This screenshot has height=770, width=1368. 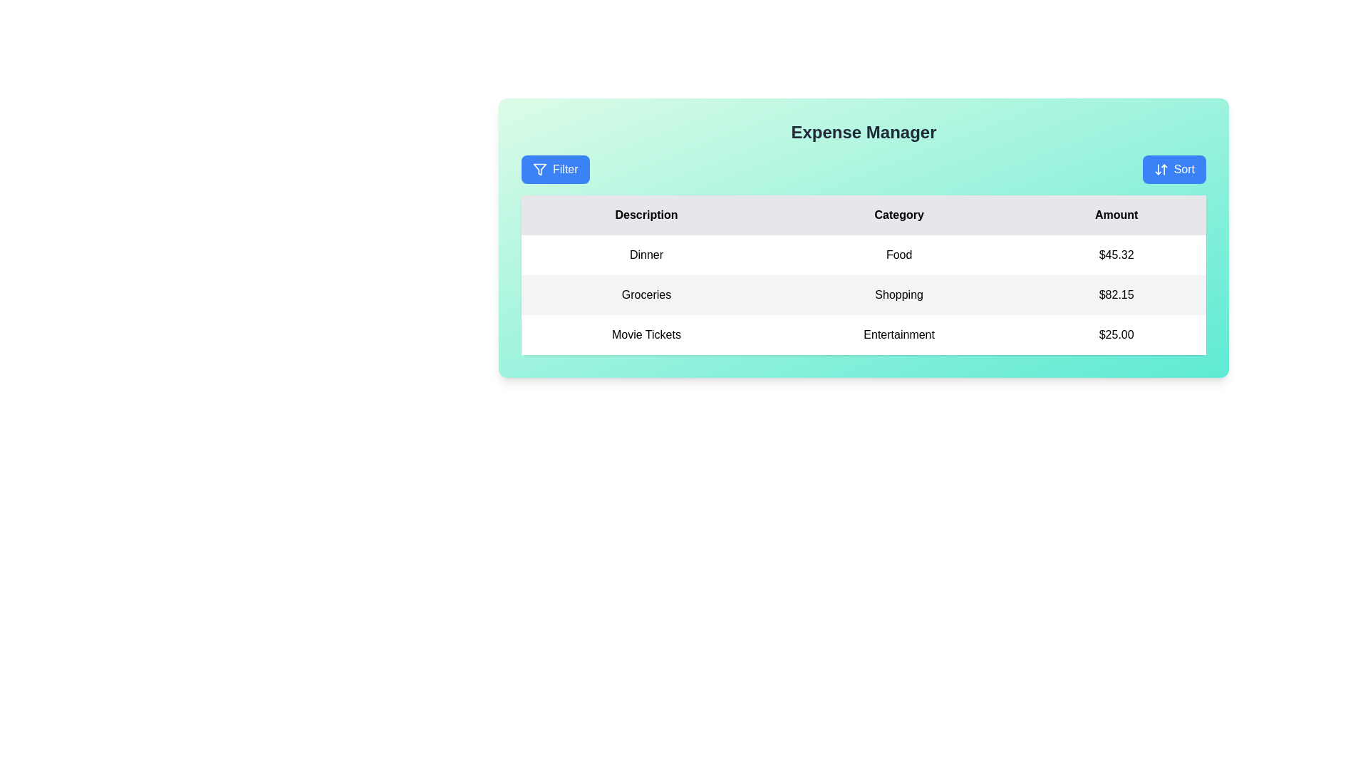 What do you see at coordinates (863, 335) in the screenshot?
I see `the third row of the table that contains the text block with 'Movie Tickets', 'Entertainment', and '$25.00', which has a white background and centered text alignment` at bounding box center [863, 335].